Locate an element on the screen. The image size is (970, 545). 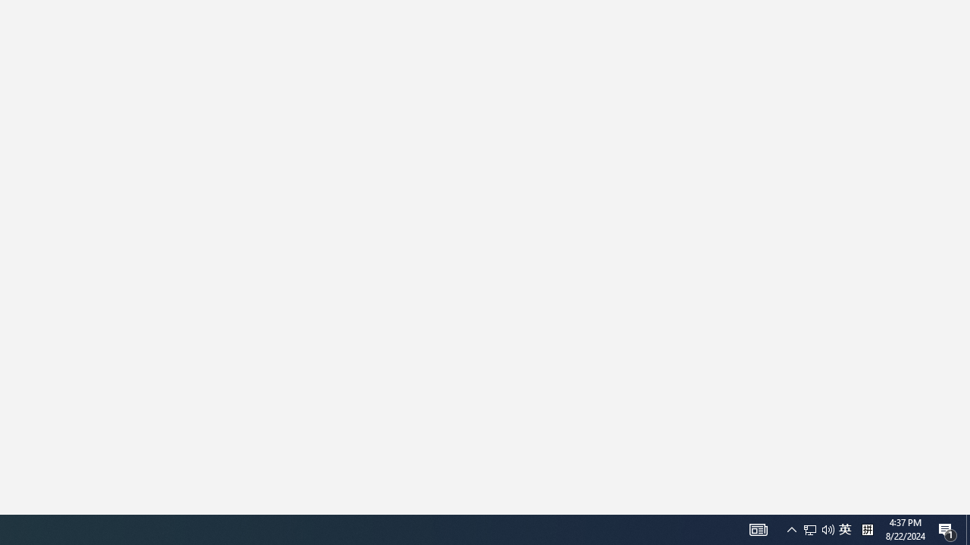
'Tray Input Indicator - Chinese (Simplified, China)' is located at coordinates (867, 528).